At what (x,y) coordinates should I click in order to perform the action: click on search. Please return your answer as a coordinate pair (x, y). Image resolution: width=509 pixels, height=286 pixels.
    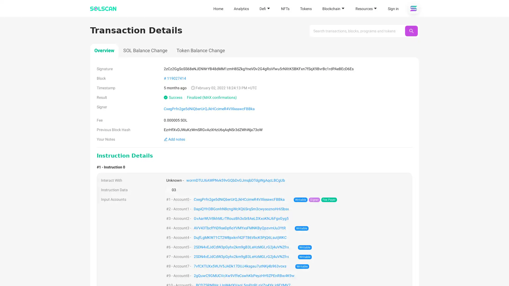
    Looking at the image, I should click on (411, 31).